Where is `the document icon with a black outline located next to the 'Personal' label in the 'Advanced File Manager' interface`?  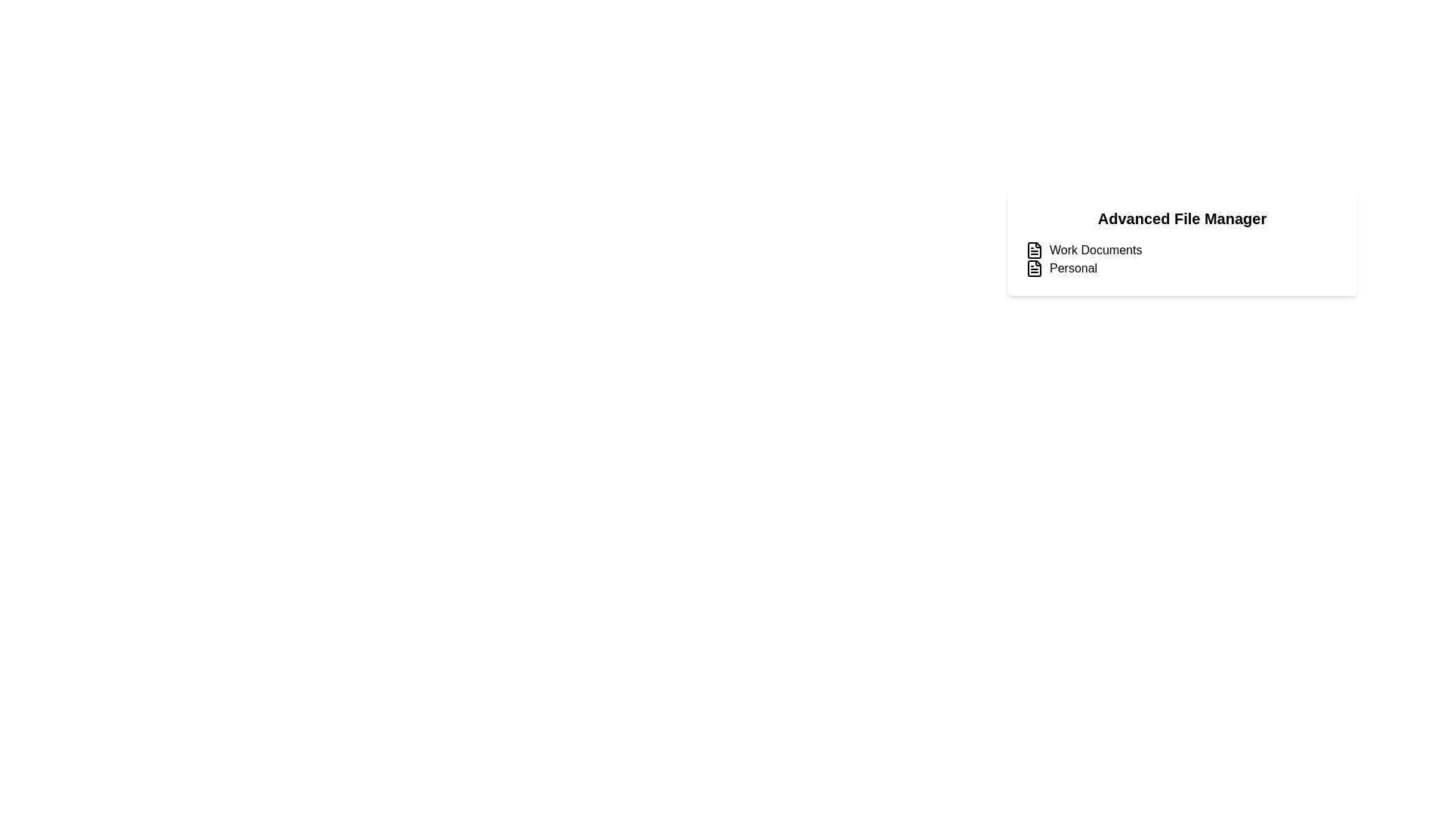 the document icon with a black outline located next to the 'Personal' label in the 'Advanced File Manager' interface is located at coordinates (1033, 267).